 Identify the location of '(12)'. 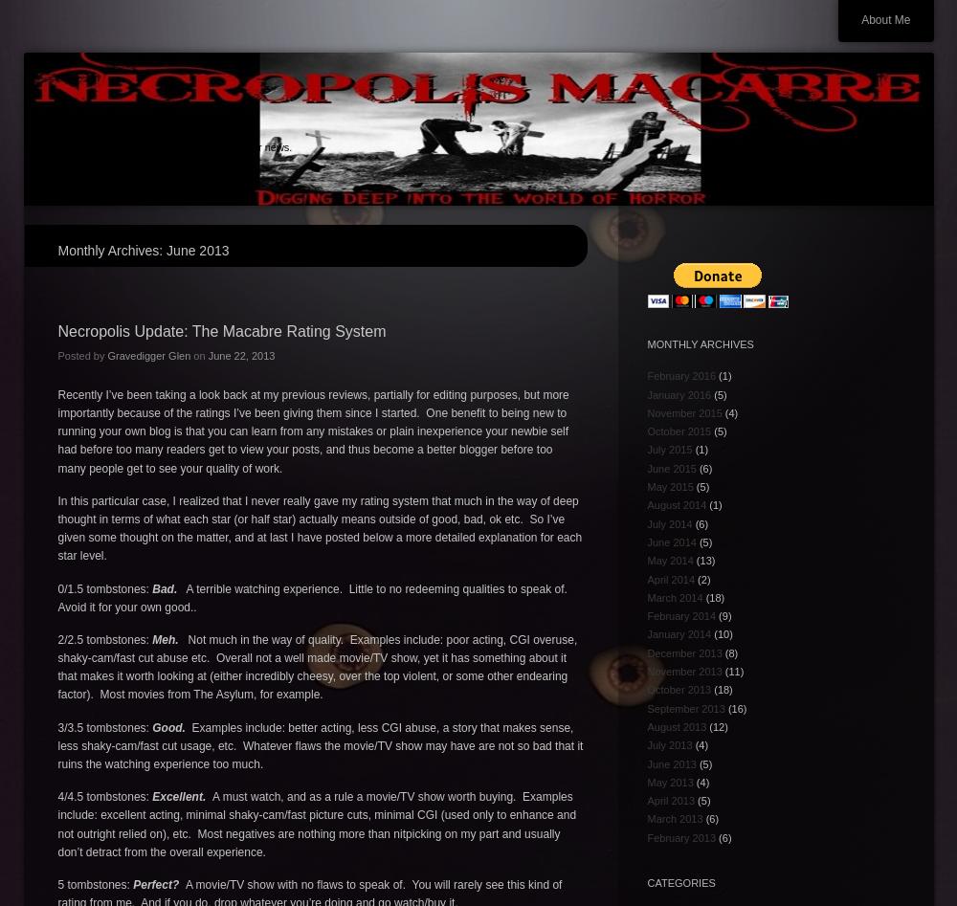
(705, 726).